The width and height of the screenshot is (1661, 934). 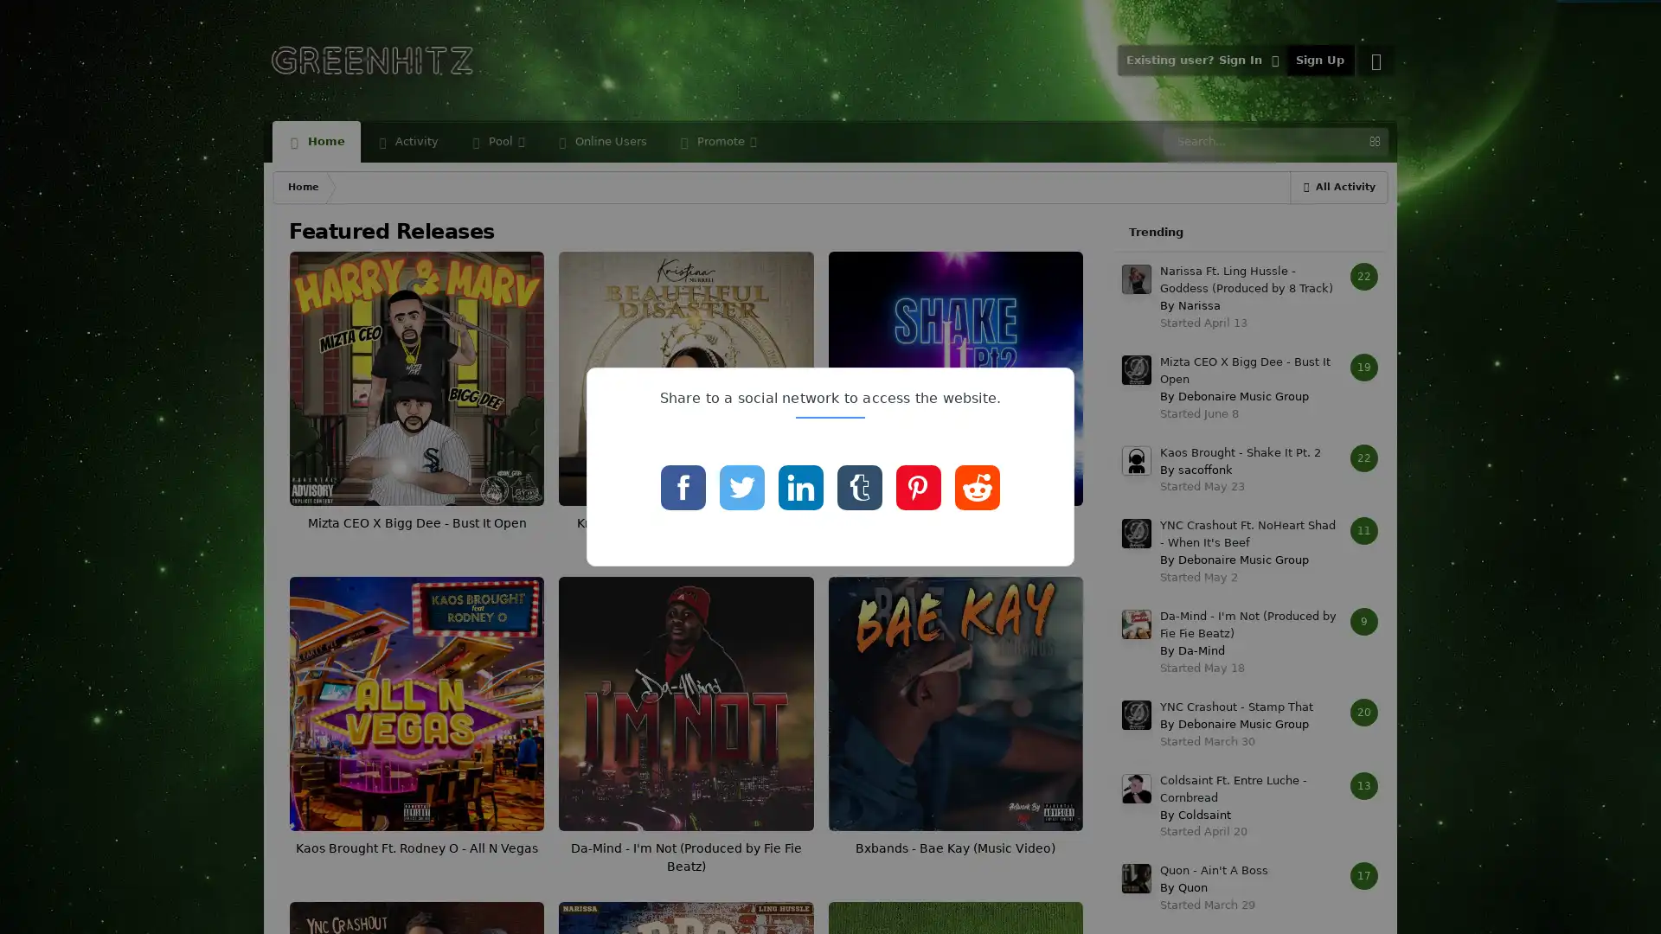 I want to click on Search, so click(x=1373, y=141).